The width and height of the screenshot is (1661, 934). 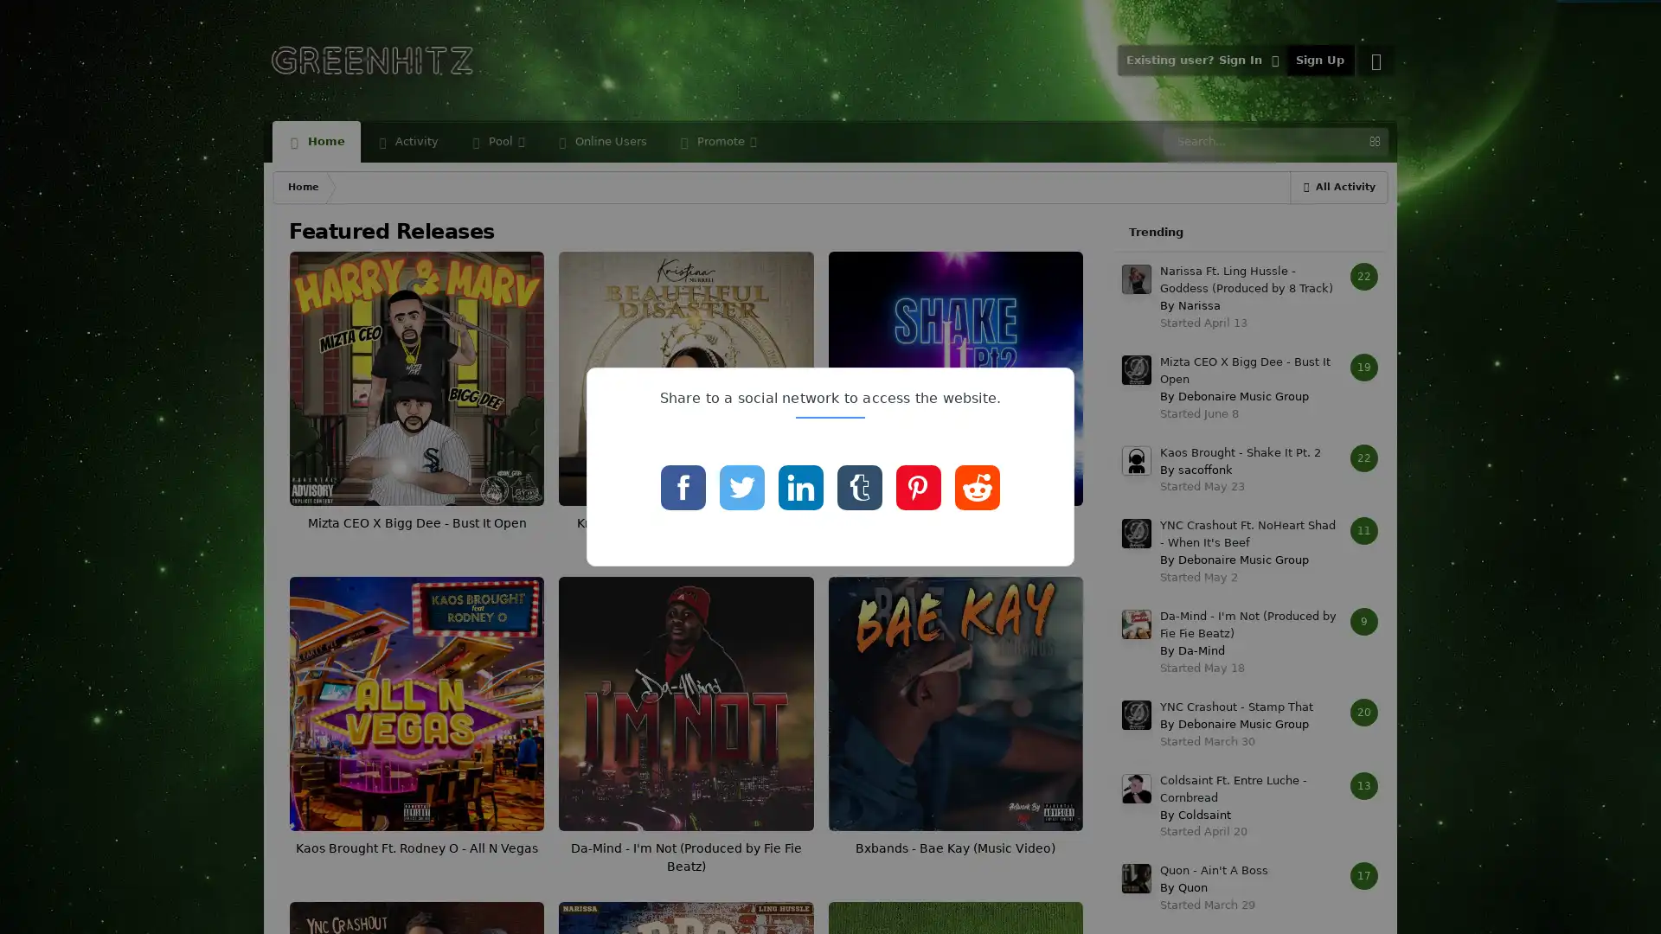 I want to click on Search, so click(x=1373, y=141).